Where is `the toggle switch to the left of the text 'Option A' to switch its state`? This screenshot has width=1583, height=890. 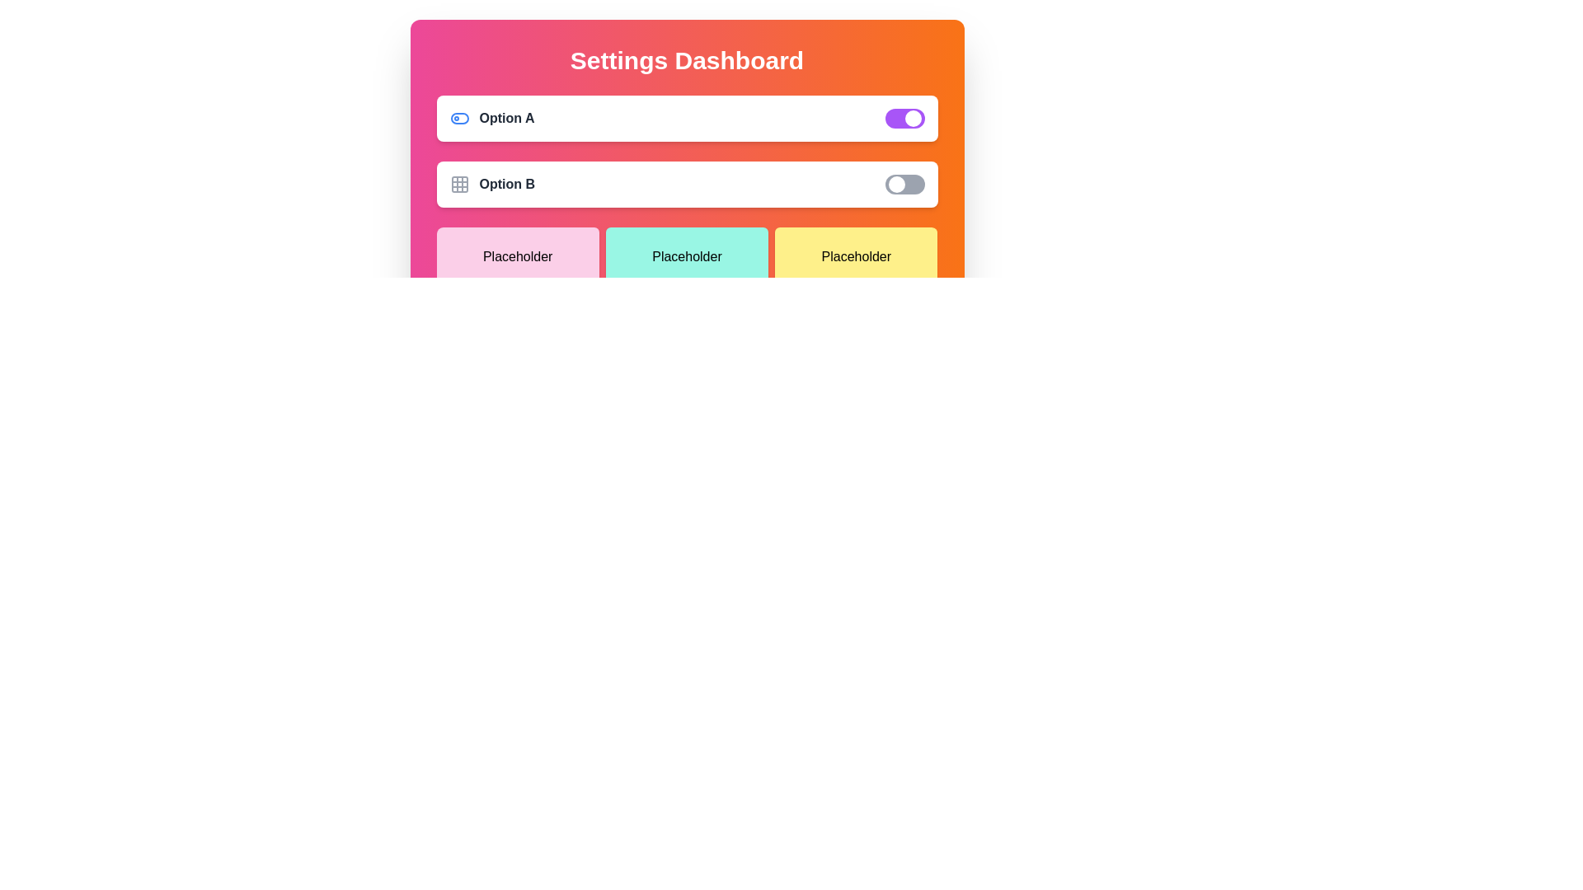
the toggle switch to the left of the text 'Option A' to switch its state is located at coordinates (459, 117).